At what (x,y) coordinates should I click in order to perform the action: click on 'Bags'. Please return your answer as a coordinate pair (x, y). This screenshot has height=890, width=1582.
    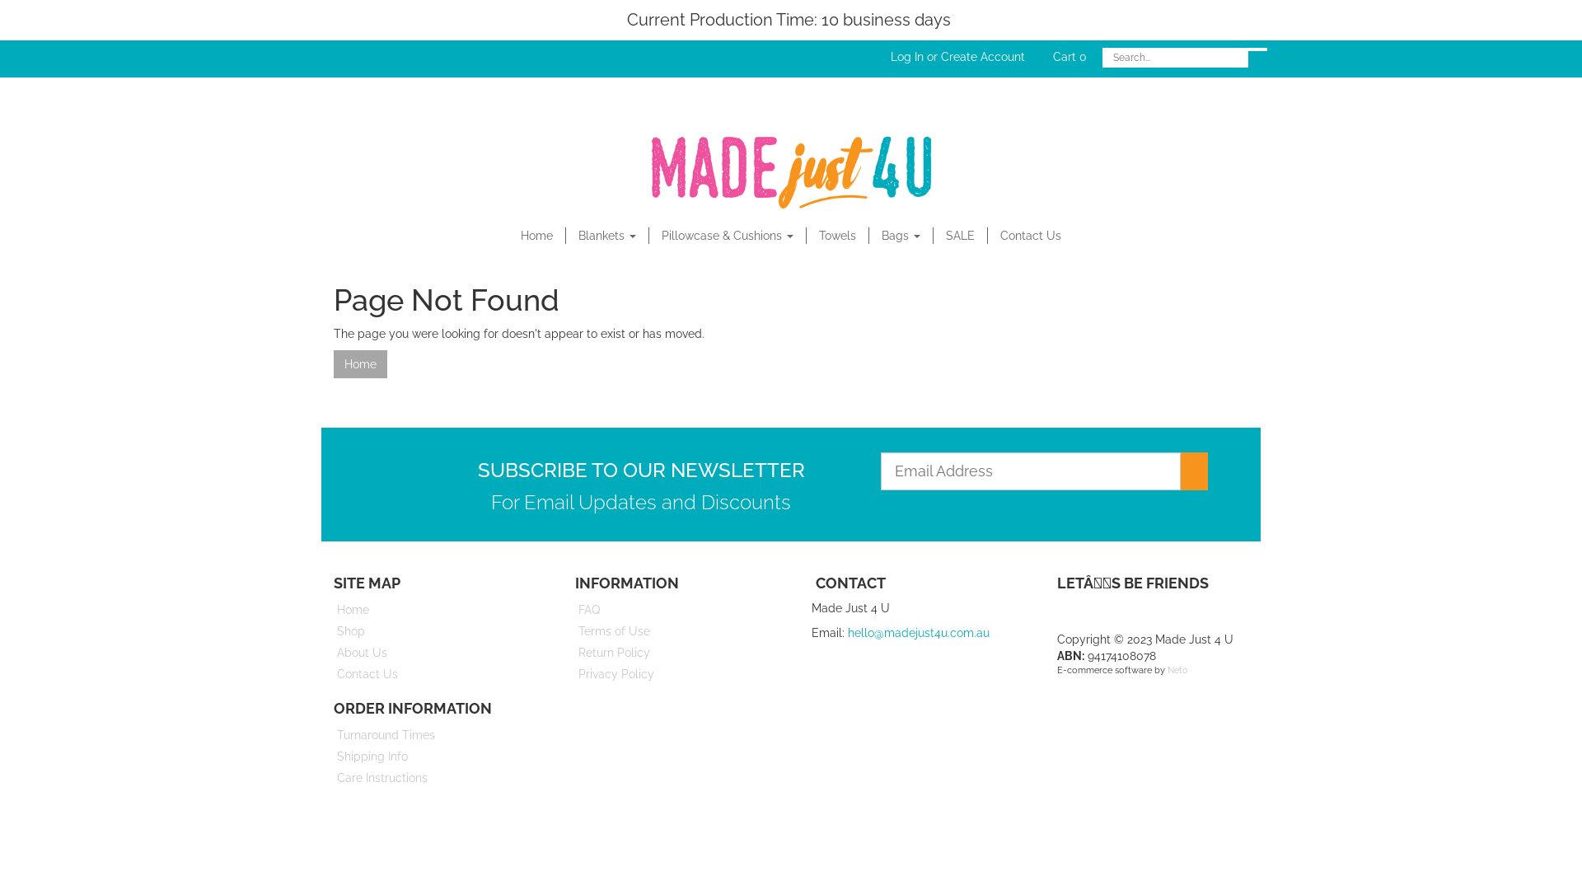
    Looking at the image, I should click on (901, 235).